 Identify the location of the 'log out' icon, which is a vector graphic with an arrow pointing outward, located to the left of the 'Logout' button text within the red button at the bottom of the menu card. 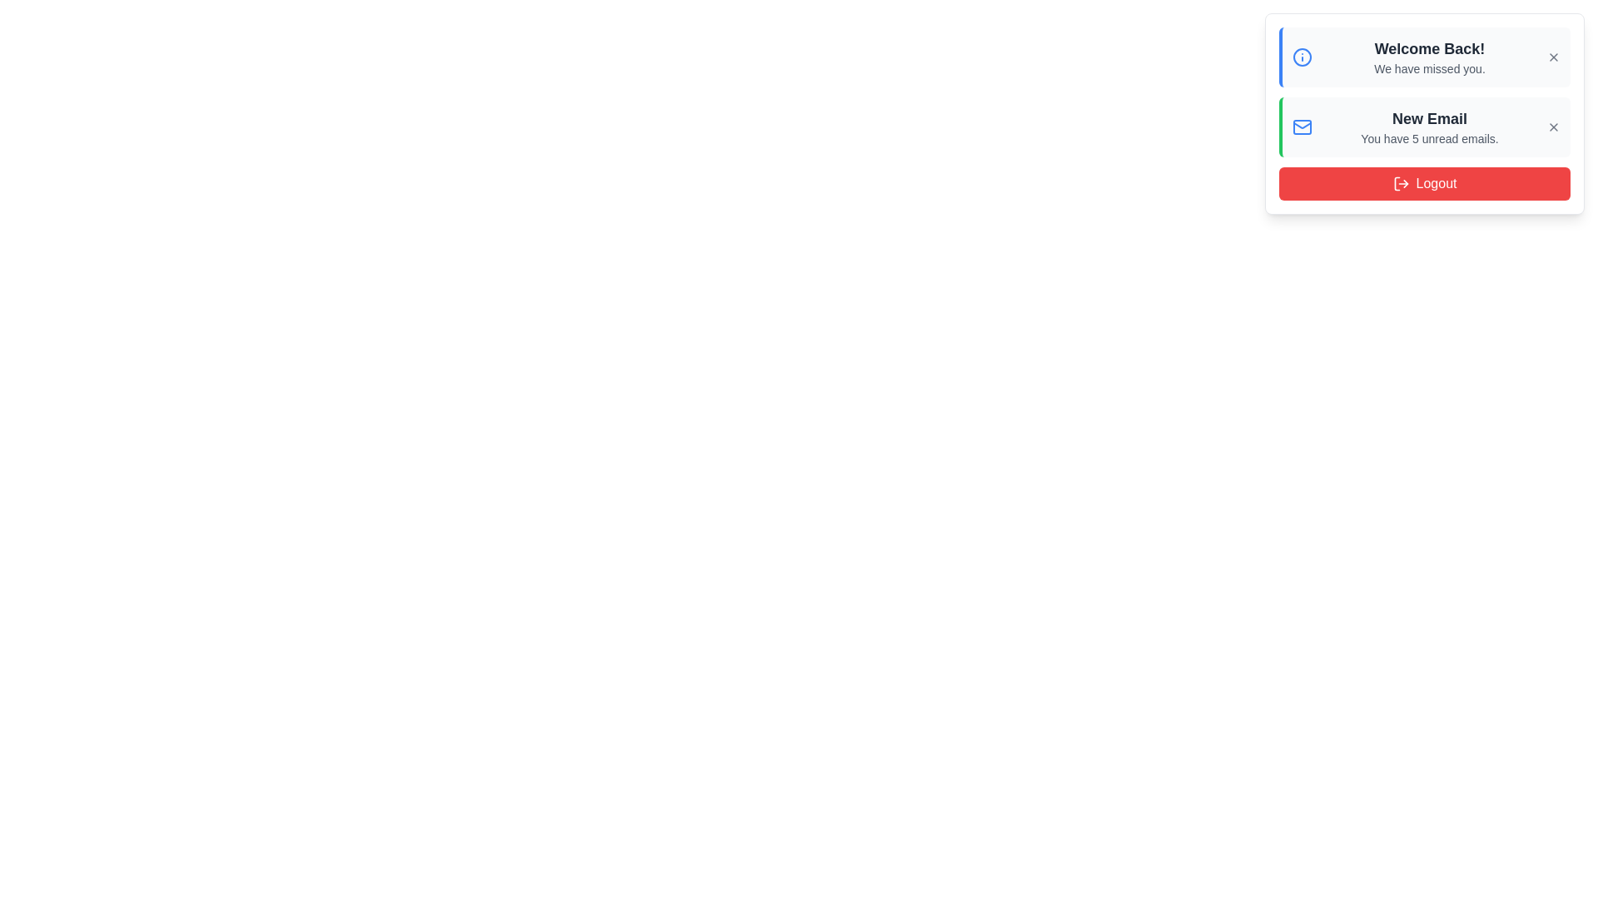
(1400, 183).